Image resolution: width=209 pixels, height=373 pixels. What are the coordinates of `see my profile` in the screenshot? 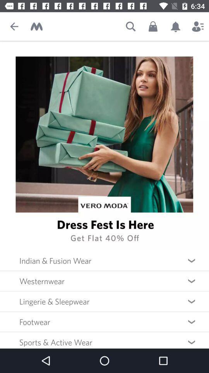 It's located at (198, 26).